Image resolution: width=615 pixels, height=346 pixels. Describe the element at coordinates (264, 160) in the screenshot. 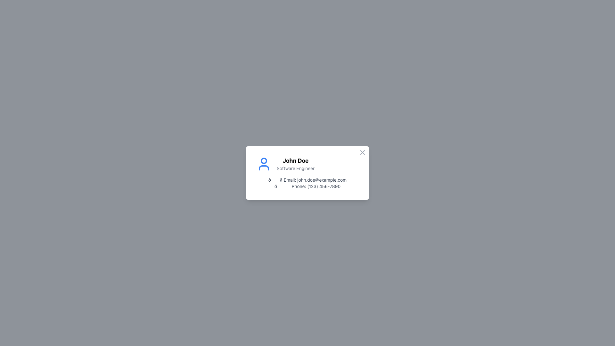

I see `the SVG circle component that represents the head of the user avatar in the profile card` at that location.